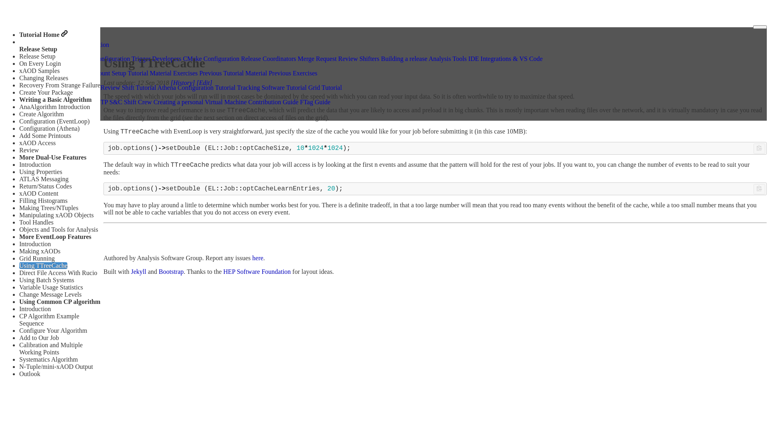 The width and height of the screenshot is (770, 433). What do you see at coordinates (325, 87) in the screenshot?
I see `'Grid Tutorial'` at bounding box center [325, 87].